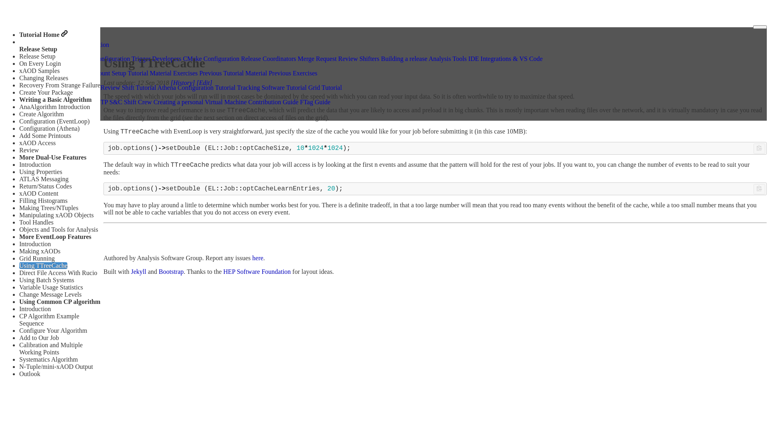 The width and height of the screenshot is (770, 433). What do you see at coordinates (325, 87) in the screenshot?
I see `'Grid Tutorial'` at bounding box center [325, 87].